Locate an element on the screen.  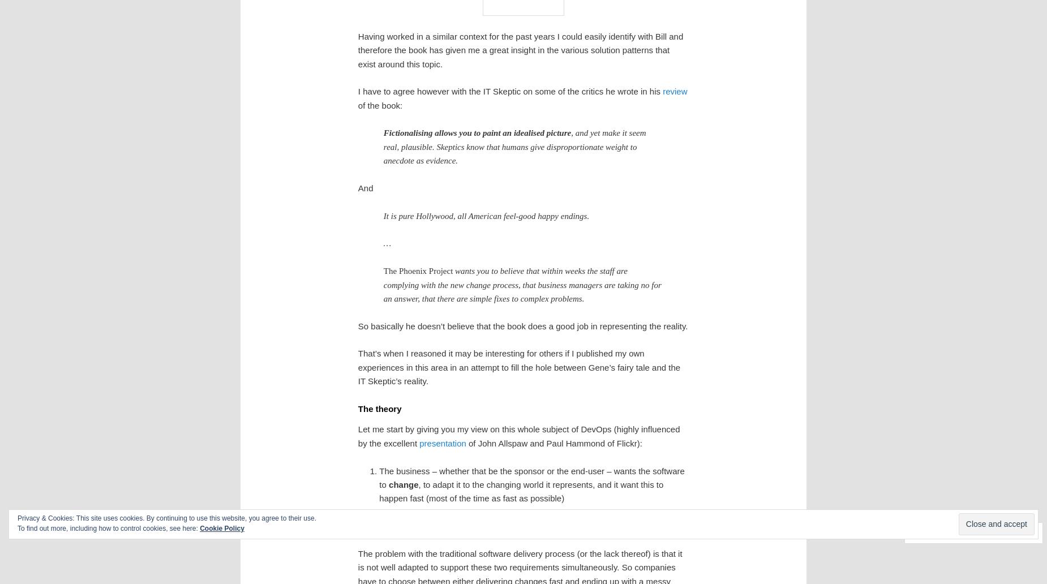
'Follow' is located at coordinates (1001, 531).